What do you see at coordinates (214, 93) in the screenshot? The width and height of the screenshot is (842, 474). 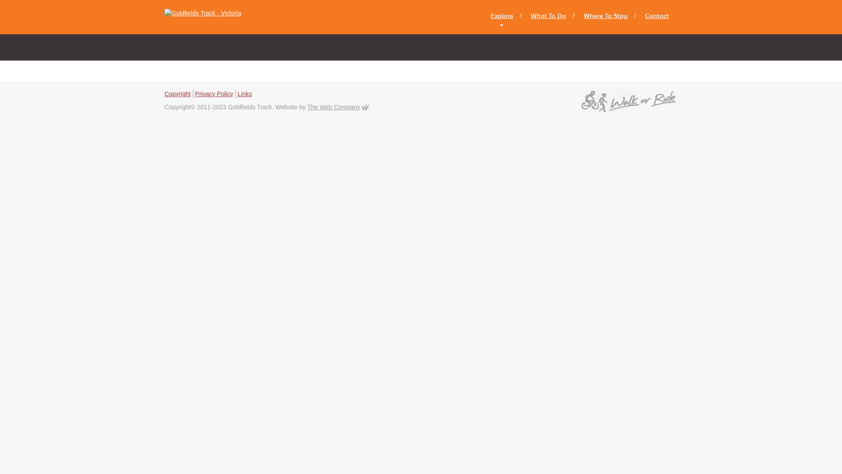 I see `'Privacy Policy'` at bounding box center [214, 93].